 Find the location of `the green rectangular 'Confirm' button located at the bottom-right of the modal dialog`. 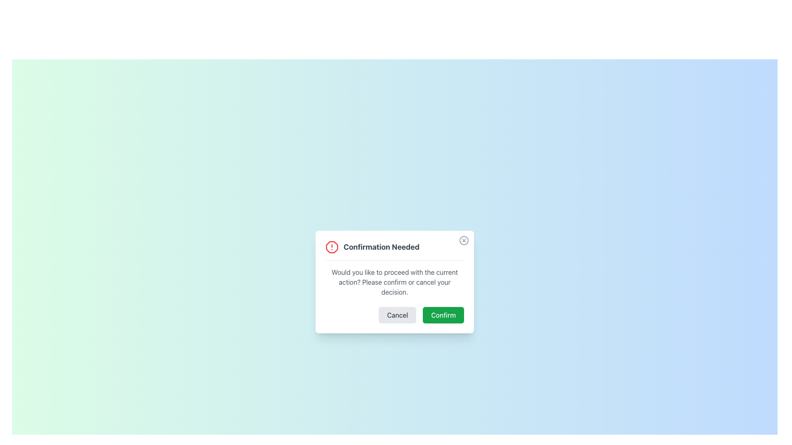

the green rectangular 'Confirm' button located at the bottom-right of the modal dialog is located at coordinates (443, 315).